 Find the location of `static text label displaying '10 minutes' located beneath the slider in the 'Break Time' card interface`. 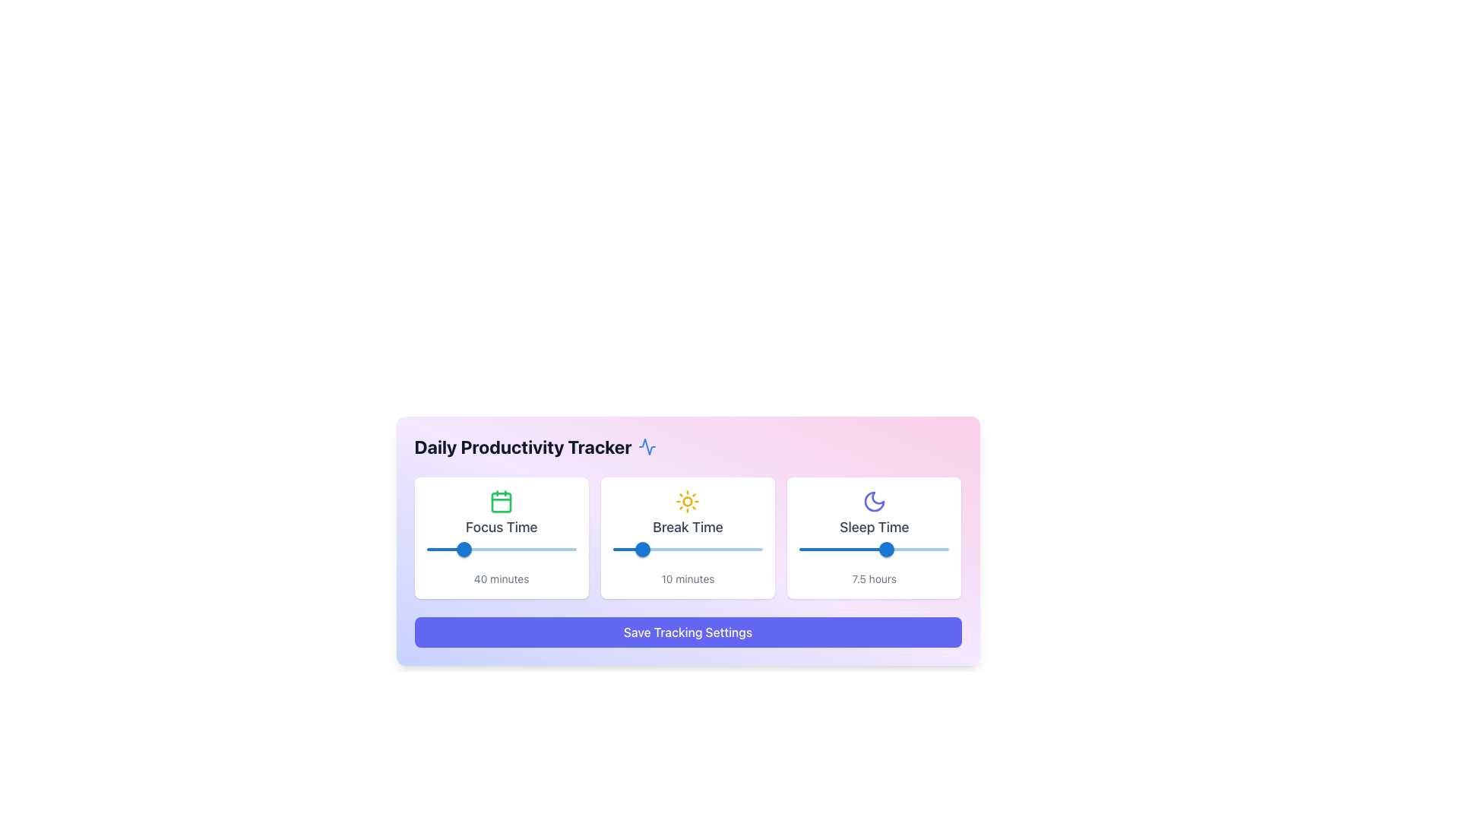

static text label displaying '10 minutes' located beneath the slider in the 'Break Time' card interface is located at coordinates (687, 579).